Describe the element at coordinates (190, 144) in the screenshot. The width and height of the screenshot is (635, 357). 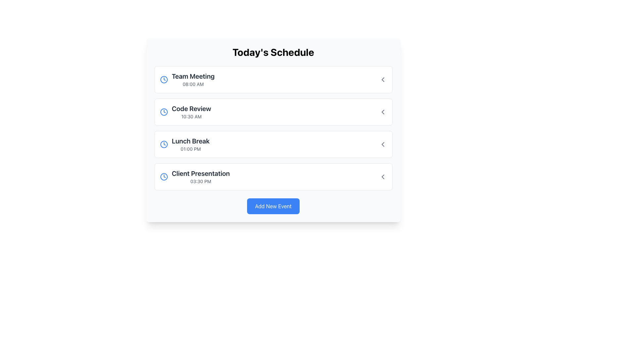
I see `the 'Lunch Break' Text Display element` at that location.